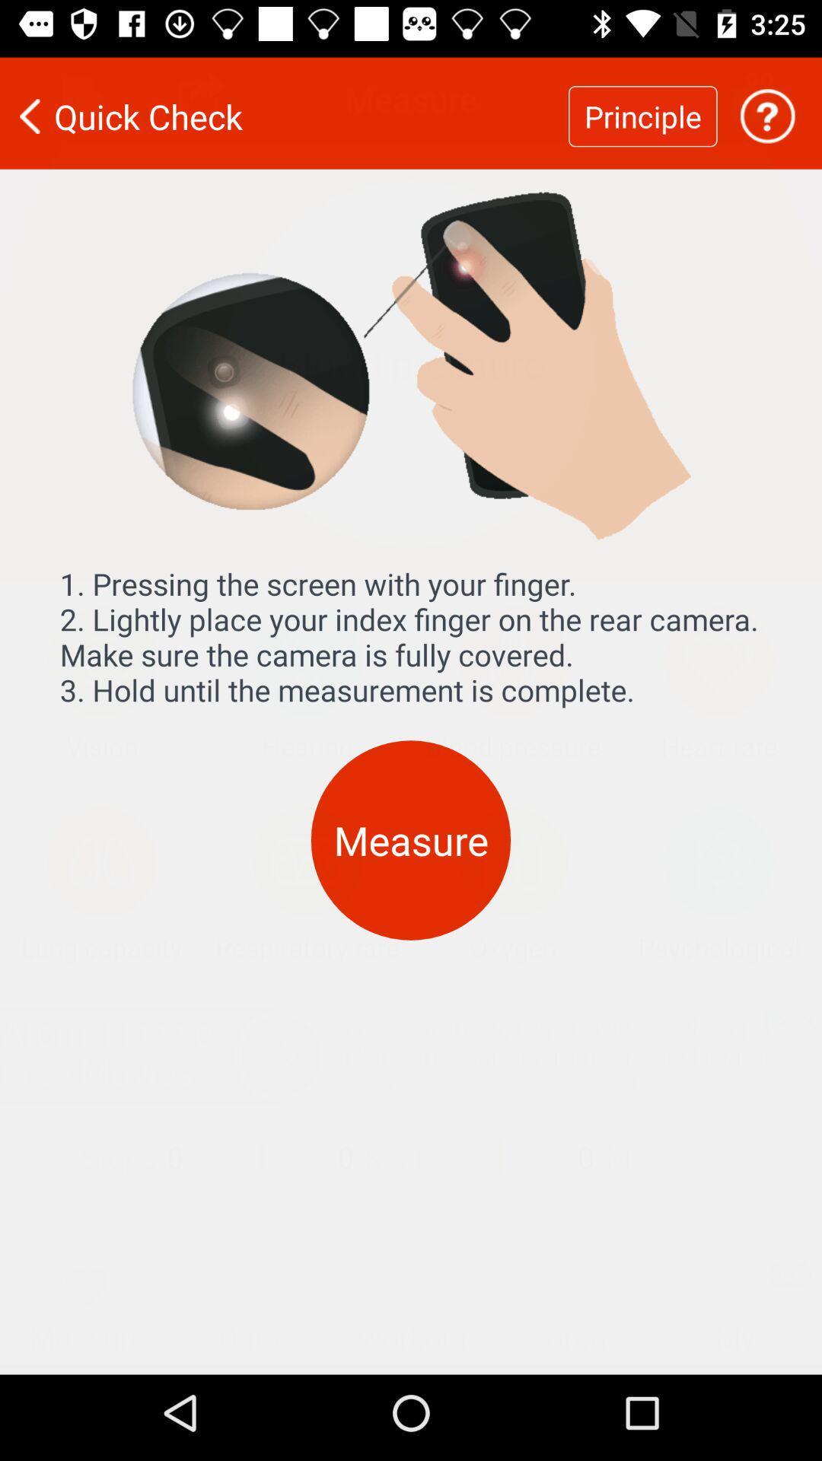  What do you see at coordinates (767, 106) in the screenshot?
I see `icon to the right of the principle icon` at bounding box center [767, 106].